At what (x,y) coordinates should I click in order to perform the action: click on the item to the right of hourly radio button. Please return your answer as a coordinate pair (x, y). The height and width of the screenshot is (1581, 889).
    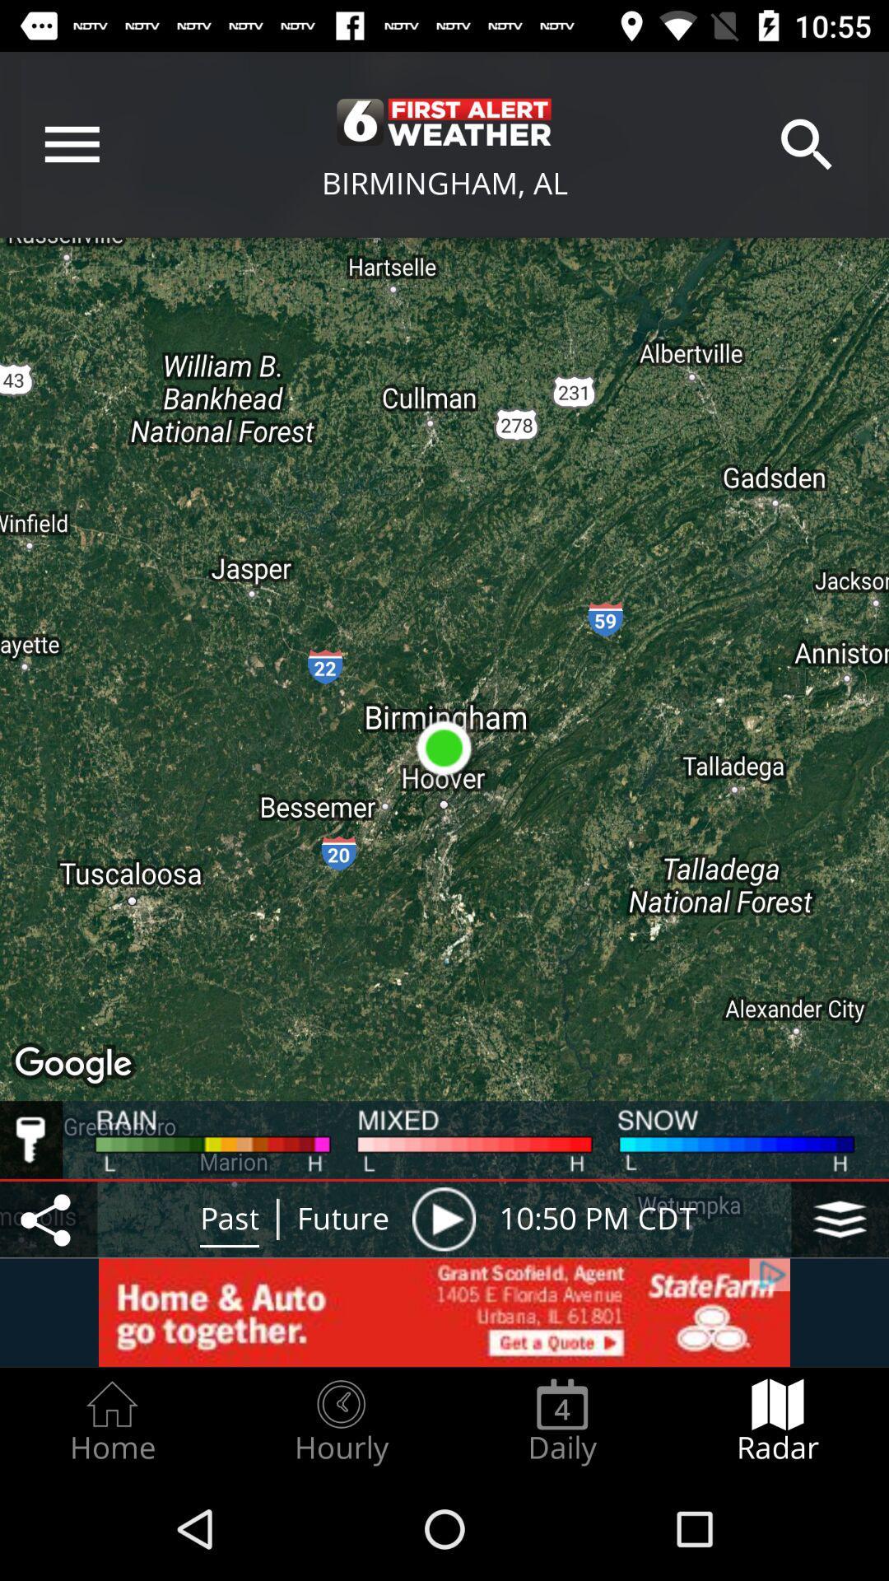
    Looking at the image, I should click on (561, 1421).